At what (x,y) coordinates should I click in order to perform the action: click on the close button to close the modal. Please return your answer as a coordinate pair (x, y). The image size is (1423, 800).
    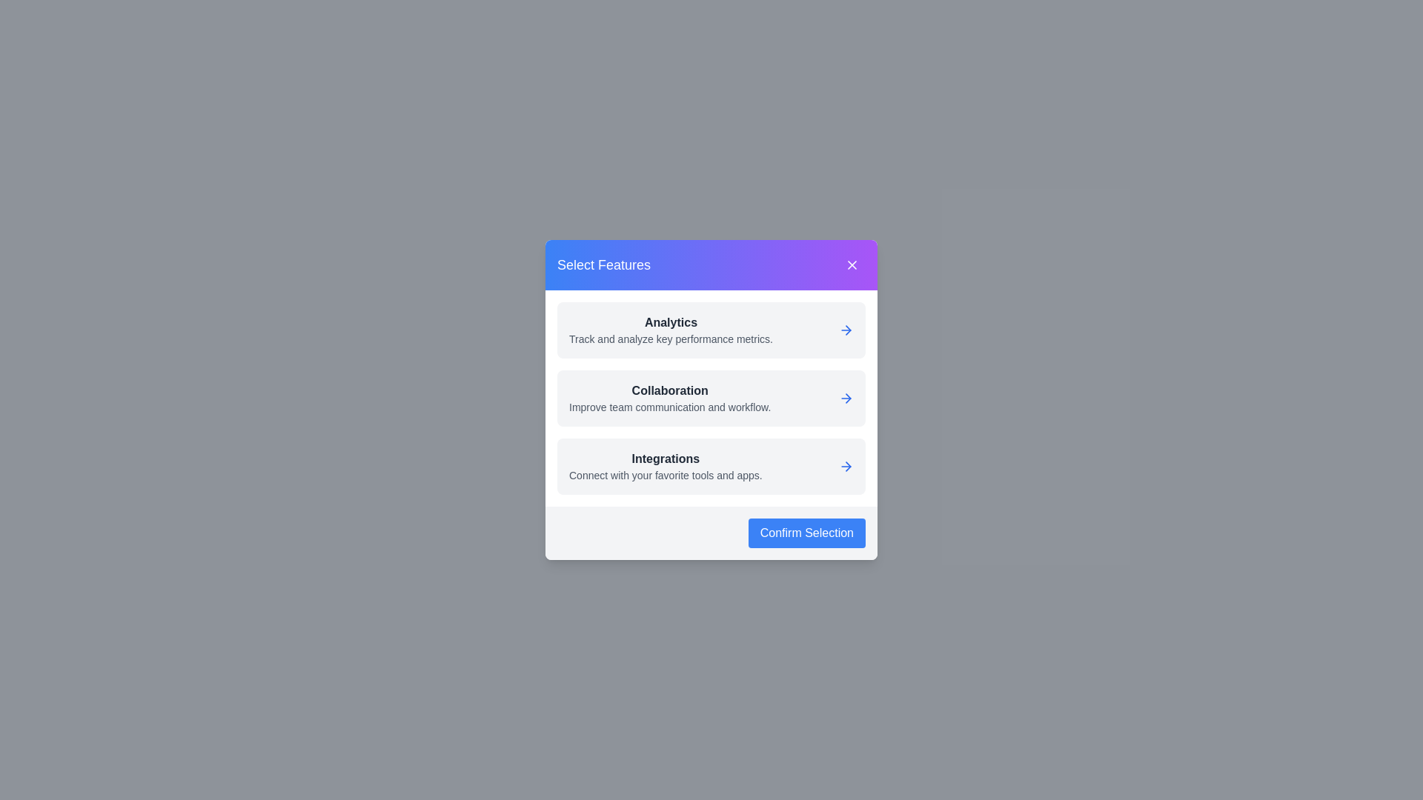
    Looking at the image, I should click on (852, 264).